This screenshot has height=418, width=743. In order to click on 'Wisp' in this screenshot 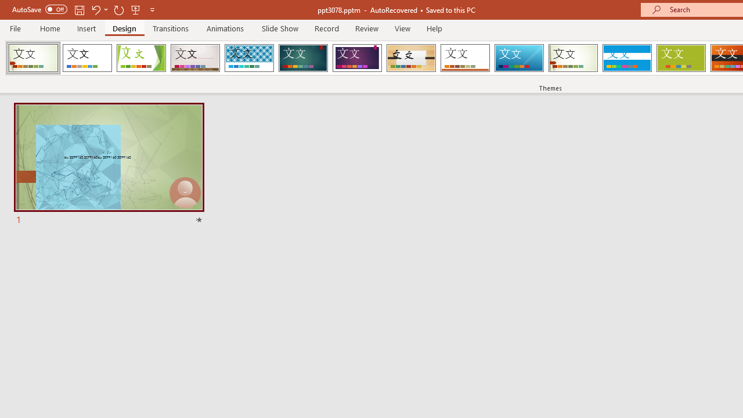, I will do `click(573, 58)`.